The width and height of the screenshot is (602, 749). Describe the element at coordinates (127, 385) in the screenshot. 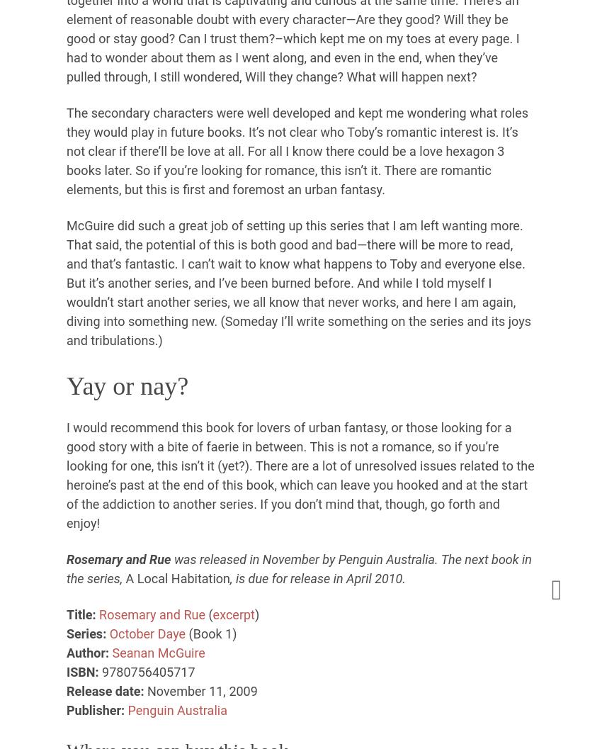

I see `'Yay or nay?'` at that location.